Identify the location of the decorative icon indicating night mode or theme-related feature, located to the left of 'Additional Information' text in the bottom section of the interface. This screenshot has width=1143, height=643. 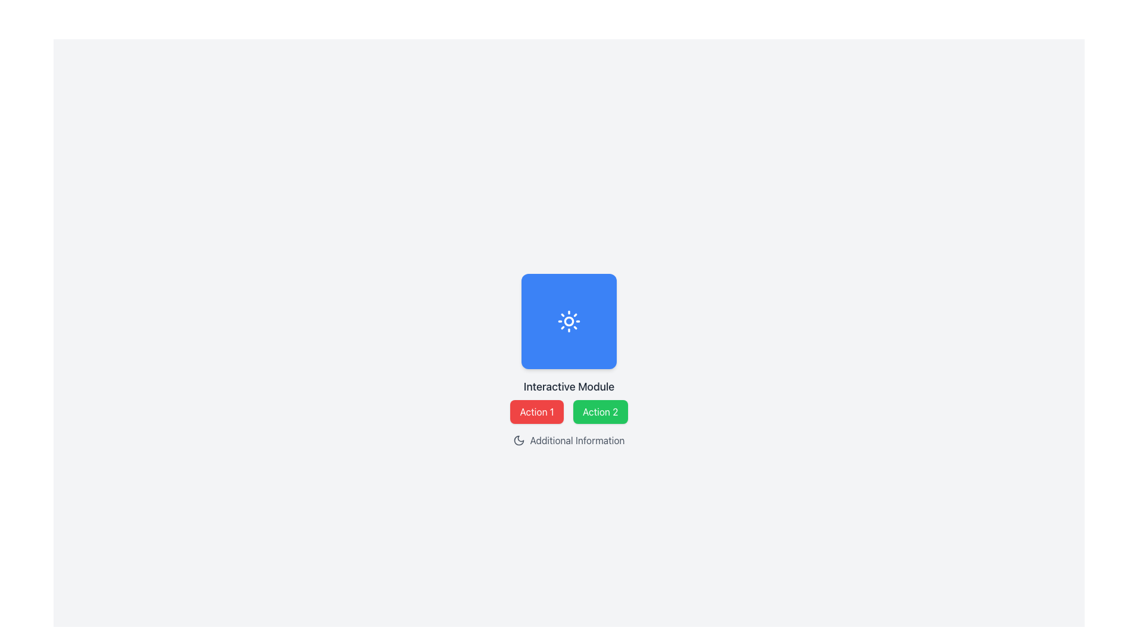
(519, 441).